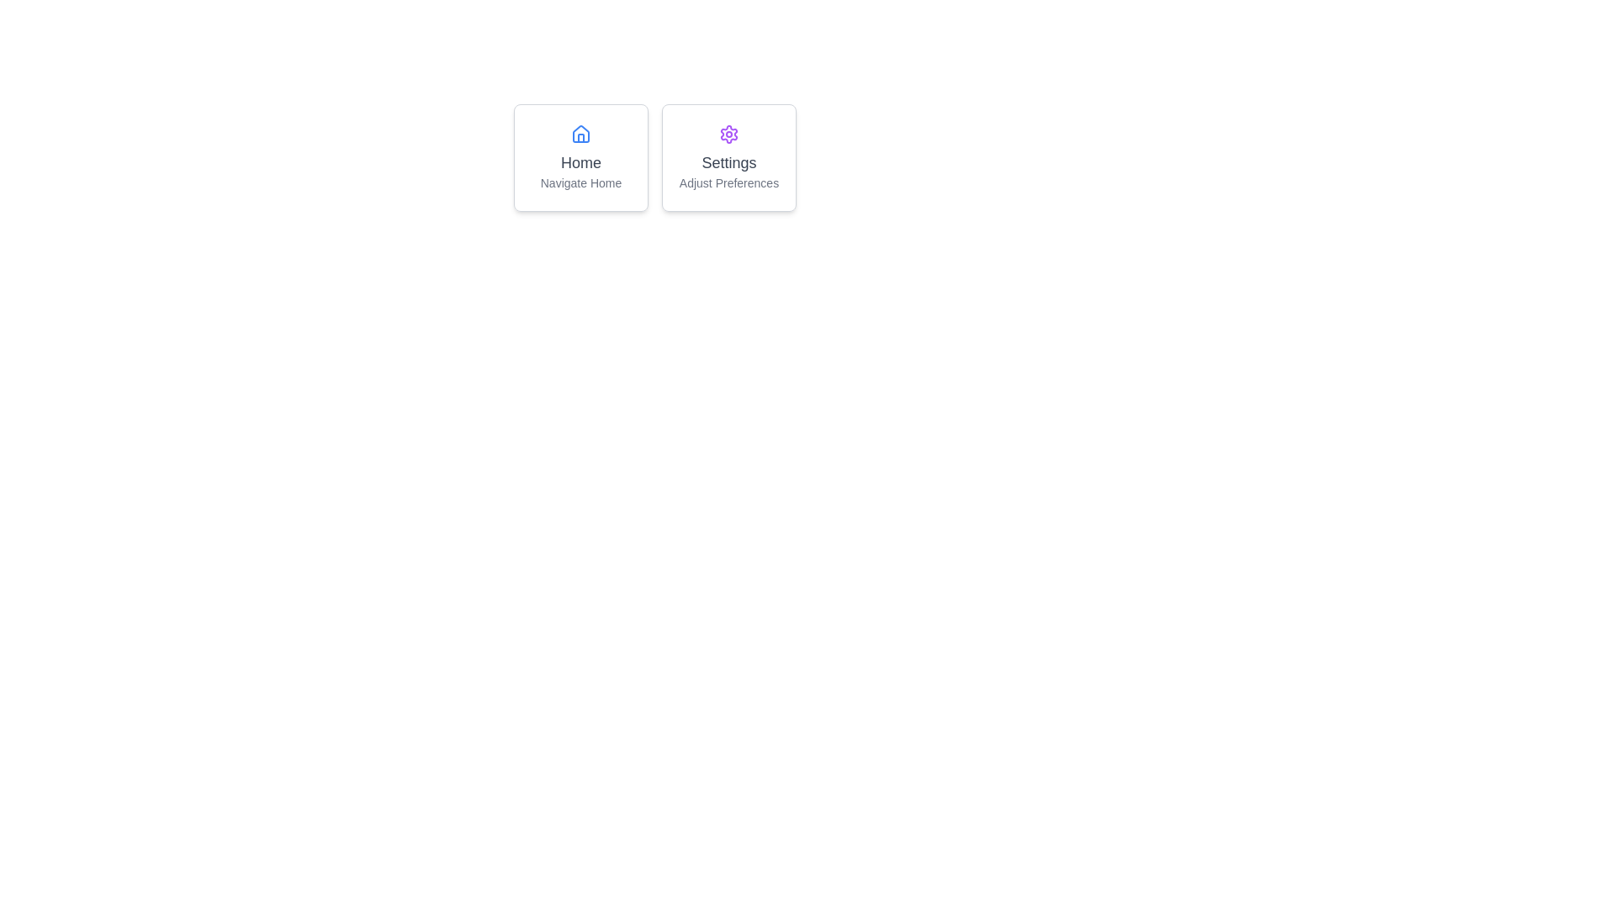  What do you see at coordinates (729, 183) in the screenshot?
I see `the explanatory text label located below the 'Settings' title within the 'Settings' card` at bounding box center [729, 183].